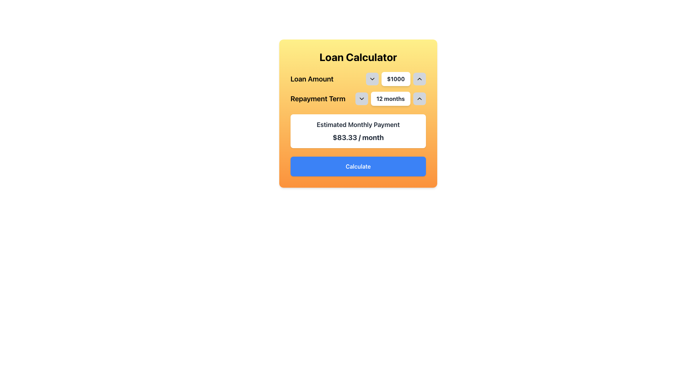 The height and width of the screenshot is (381, 677). I want to click on the downward-pointing chevron icon located to the right of the '12 months' numeric input box, so click(361, 99).